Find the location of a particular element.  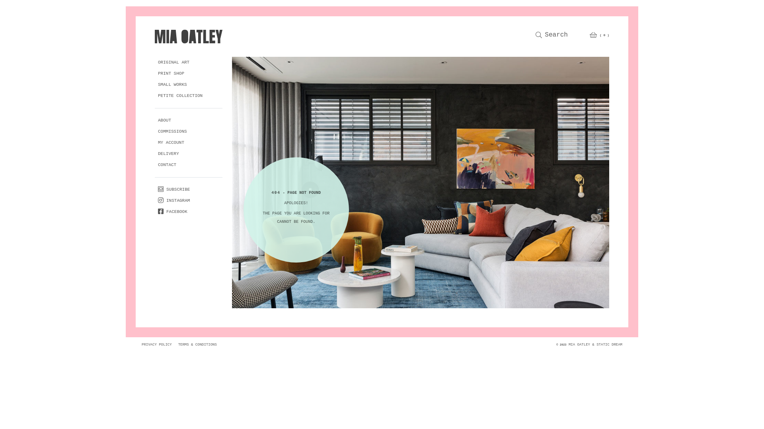

'Privacy Policy' is located at coordinates (138, 344).